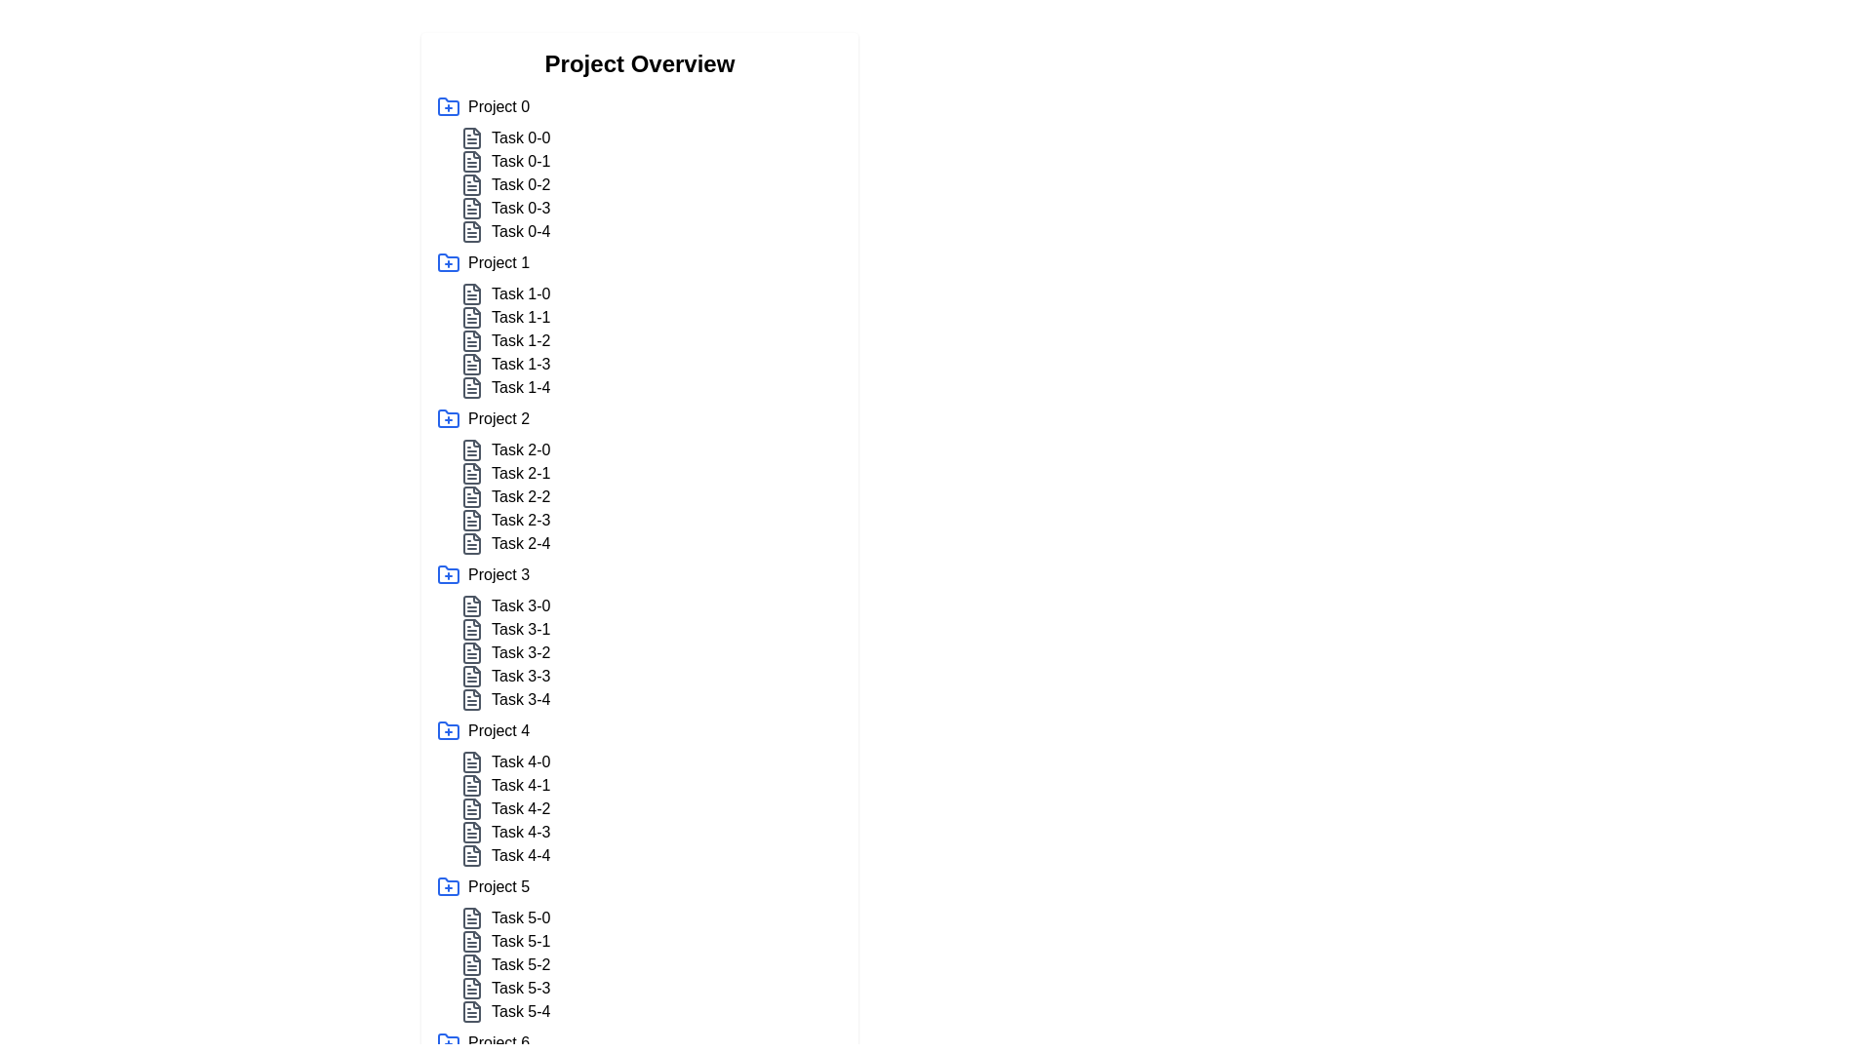 The height and width of the screenshot is (1053, 1873). I want to click on the document icon located beside 'Task 5-3' under 'Project 5' in the structured list interface, so click(472, 989).